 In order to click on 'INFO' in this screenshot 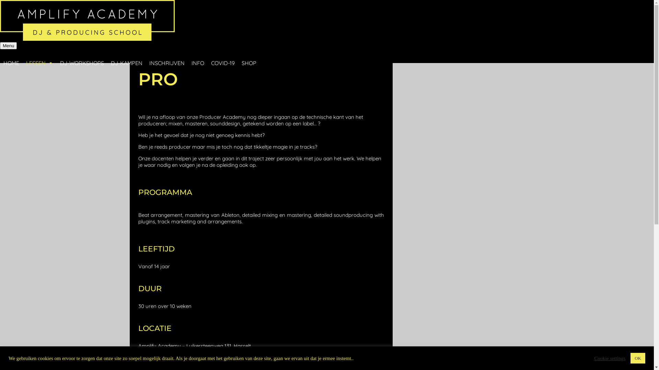, I will do `click(197, 56)`.